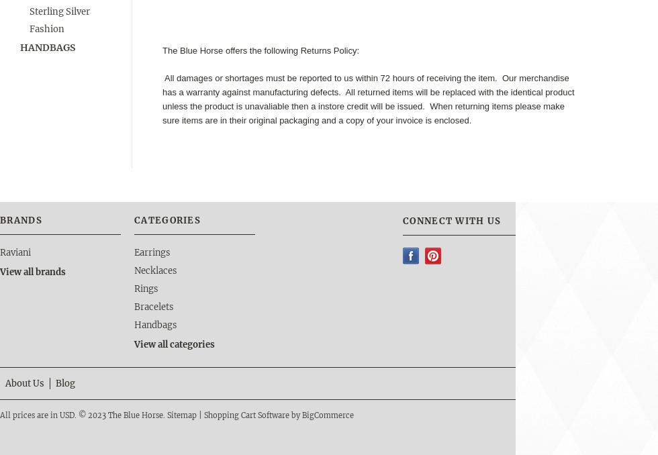 This screenshot has width=658, height=455. What do you see at coordinates (162, 97) in the screenshot?
I see `'All damages or shortages must be reported to us within 72 hours of receiving the item.  Our merchandise has a warranty against manufacturing defects.  All returned items will be replaced with the identical product unless the product is unavaliable then a instore credit will be issued.  When returning items please make sure items are in their original packaging and a copy of your invoice is enclosed.'` at bounding box center [162, 97].